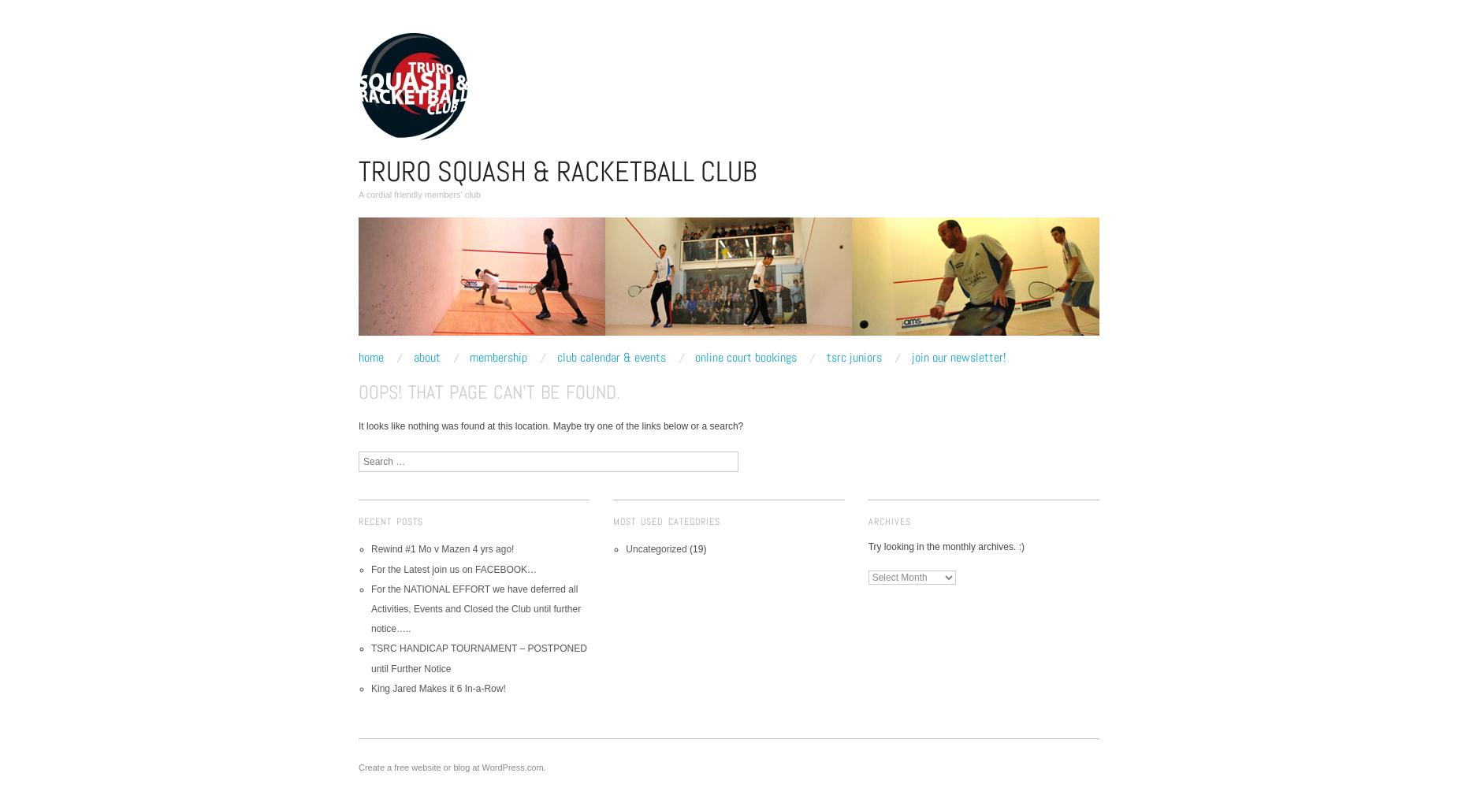 This screenshot has height=788, width=1458. Describe the element at coordinates (442, 548) in the screenshot. I see `'Rewind #1 Mo v Mazen 4 yrs ago!'` at that location.